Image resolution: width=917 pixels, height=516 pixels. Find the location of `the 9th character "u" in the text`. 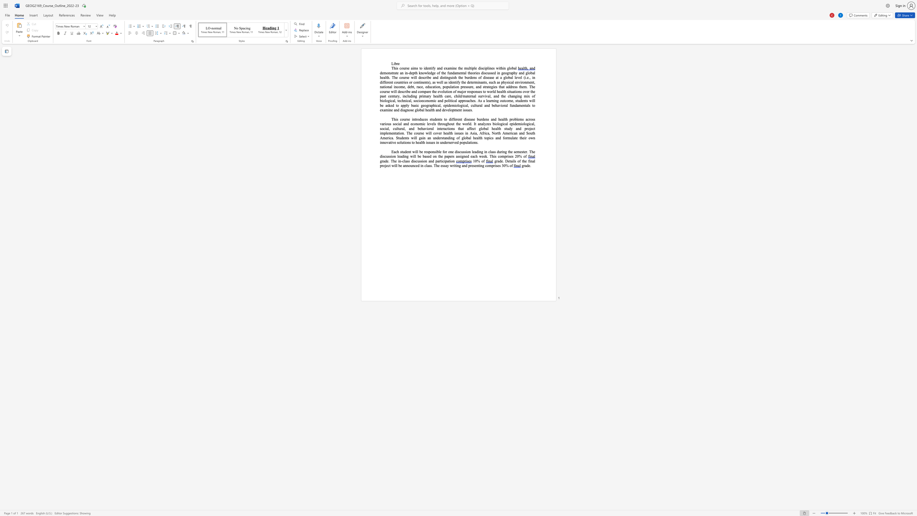

the 9th character "u" in the text is located at coordinates (409, 96).